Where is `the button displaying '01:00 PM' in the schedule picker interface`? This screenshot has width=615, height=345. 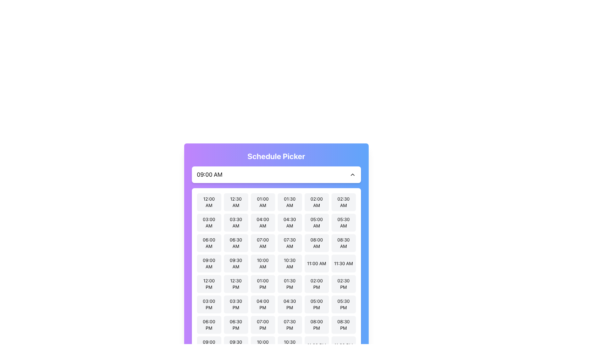
the button displaying '01:00 PM' in the schedule picker interface is located at coordinates (263, 283).